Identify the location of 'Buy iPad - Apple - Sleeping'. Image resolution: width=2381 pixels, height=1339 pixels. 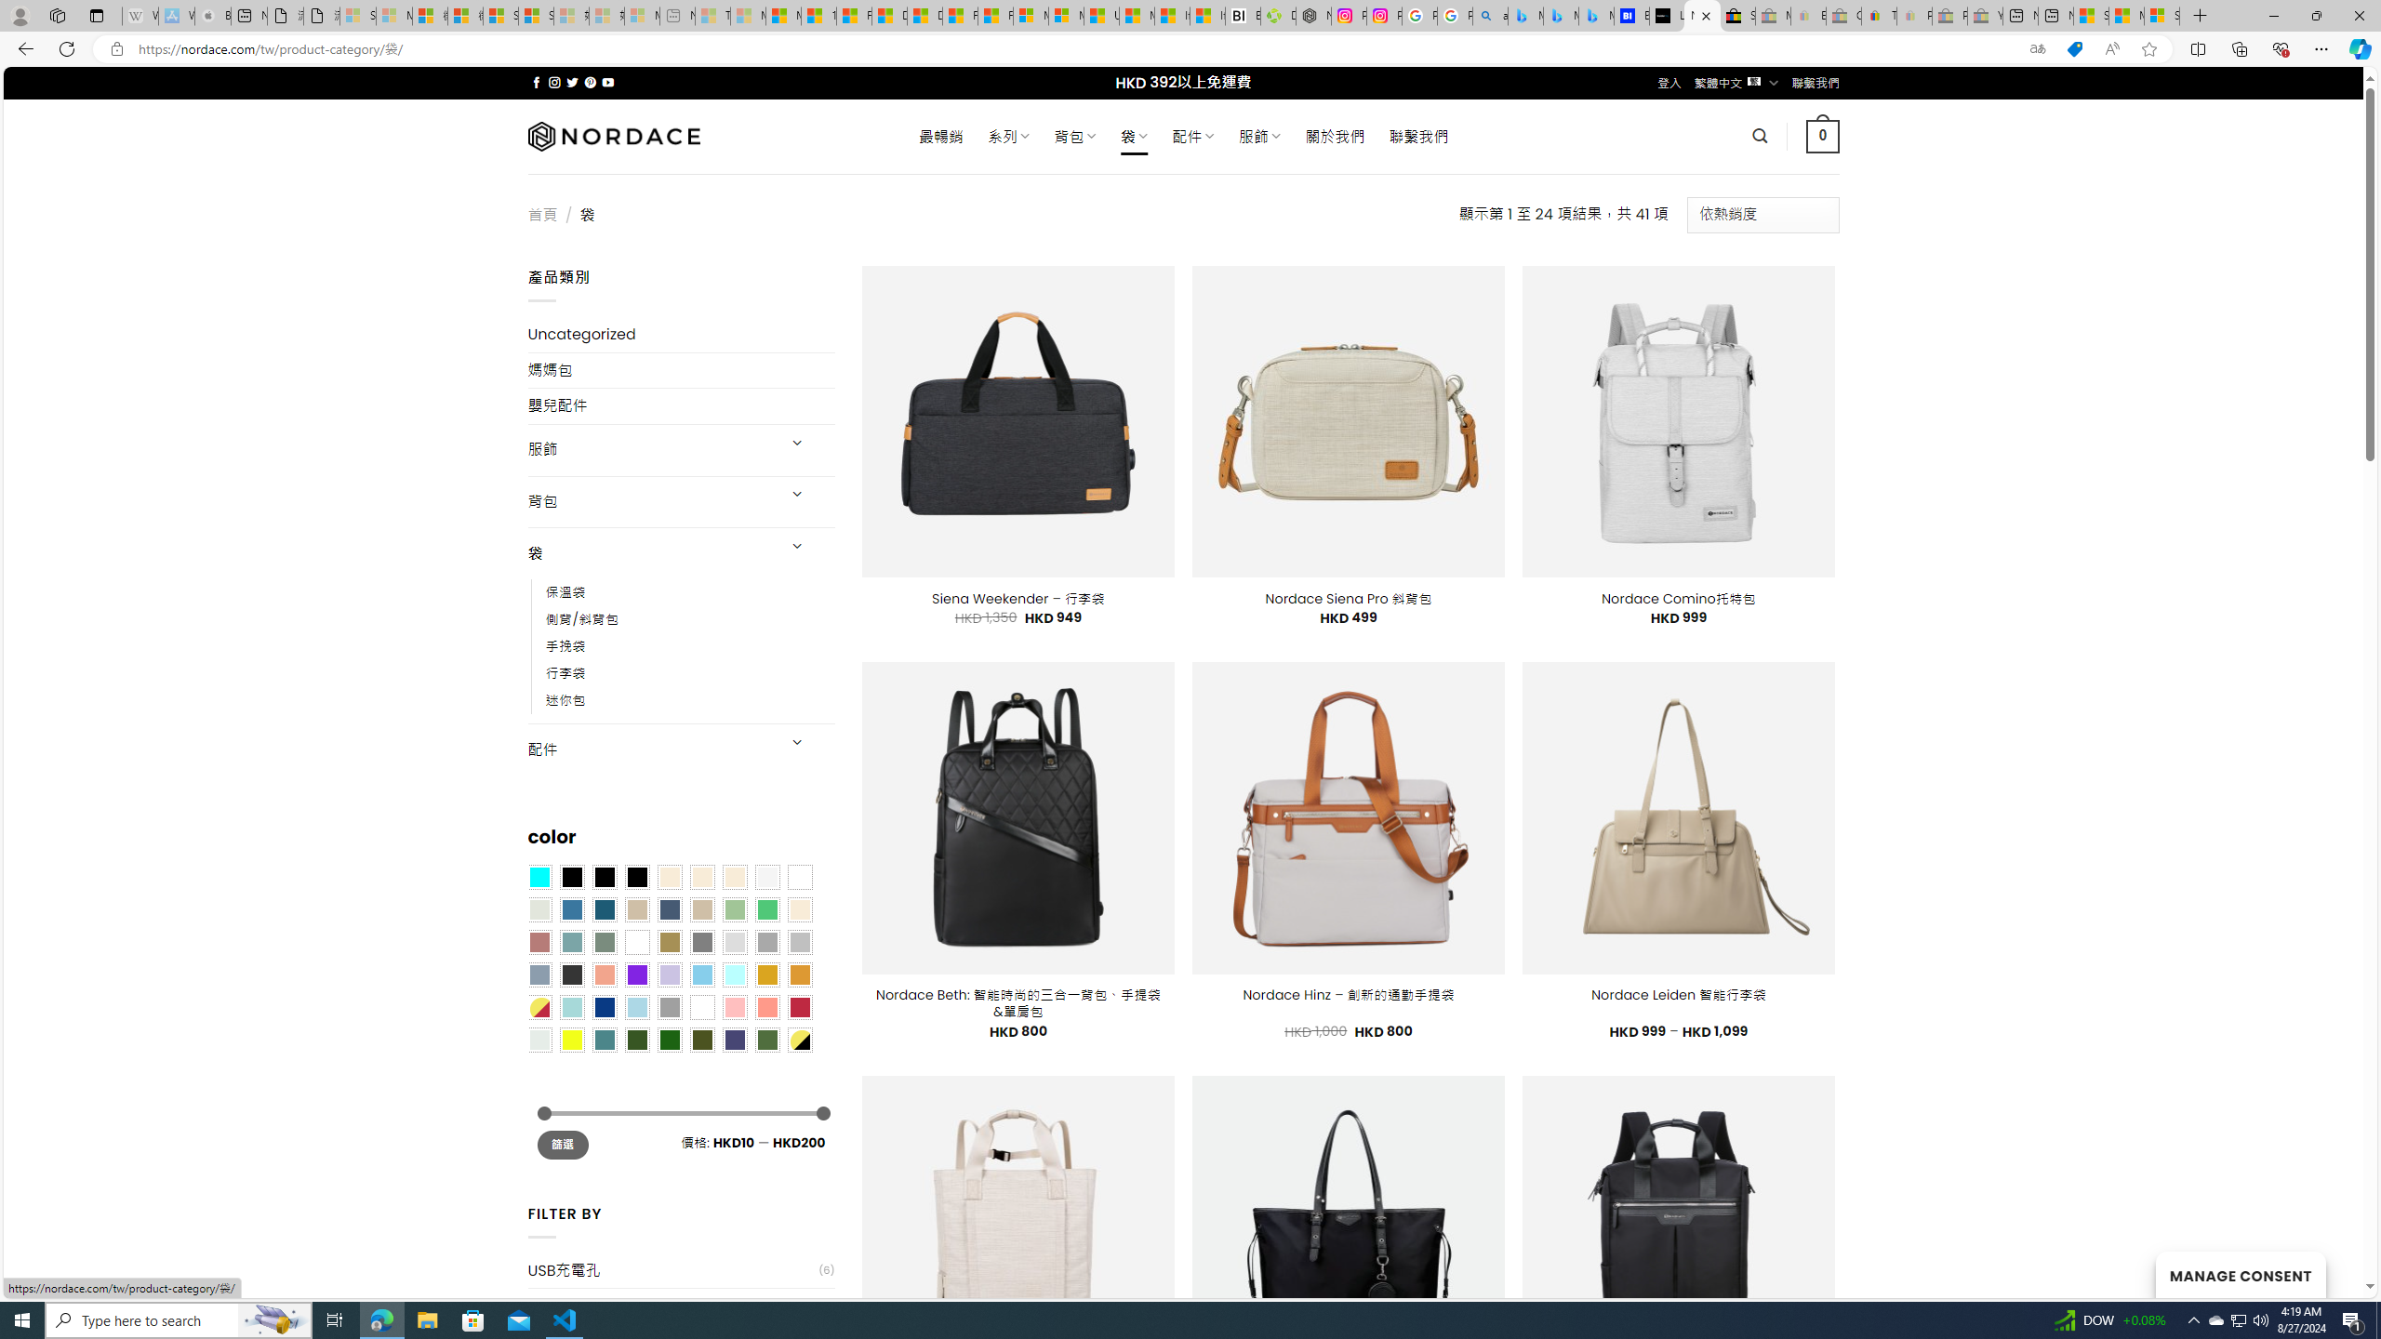
(212, 15).